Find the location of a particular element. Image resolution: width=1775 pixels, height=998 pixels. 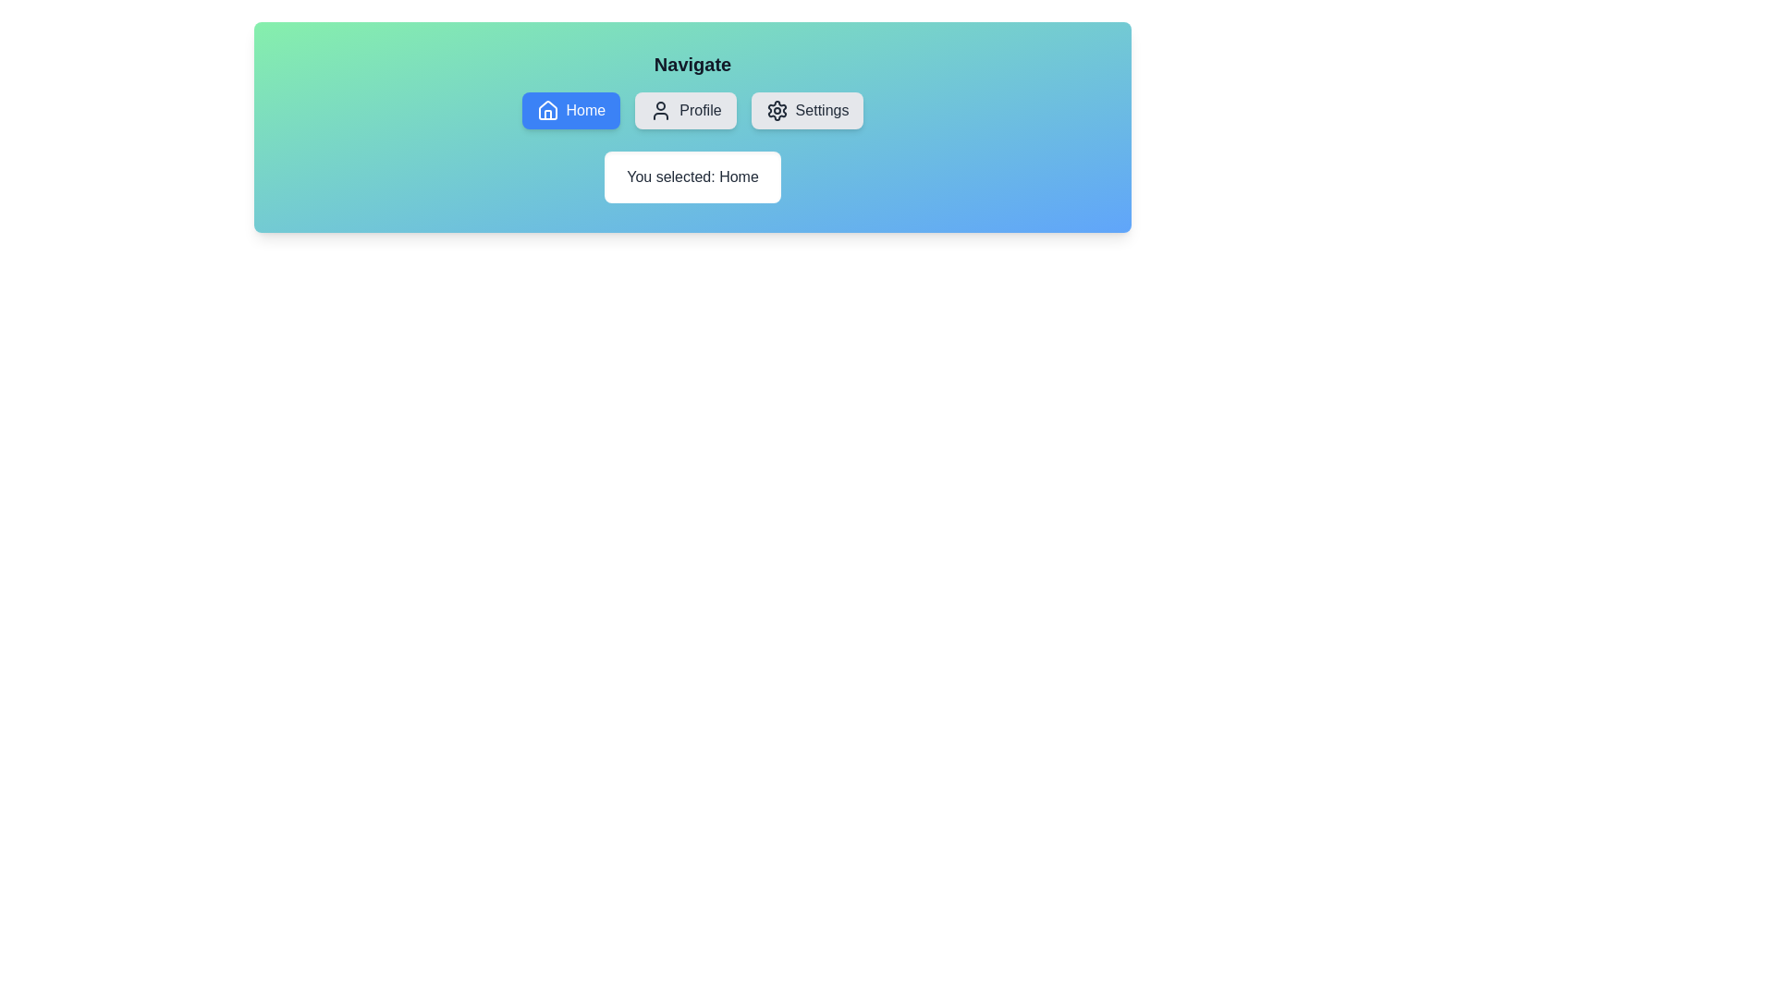

the Settings button to observe its visual feedback is located at coordinates (807, 110).